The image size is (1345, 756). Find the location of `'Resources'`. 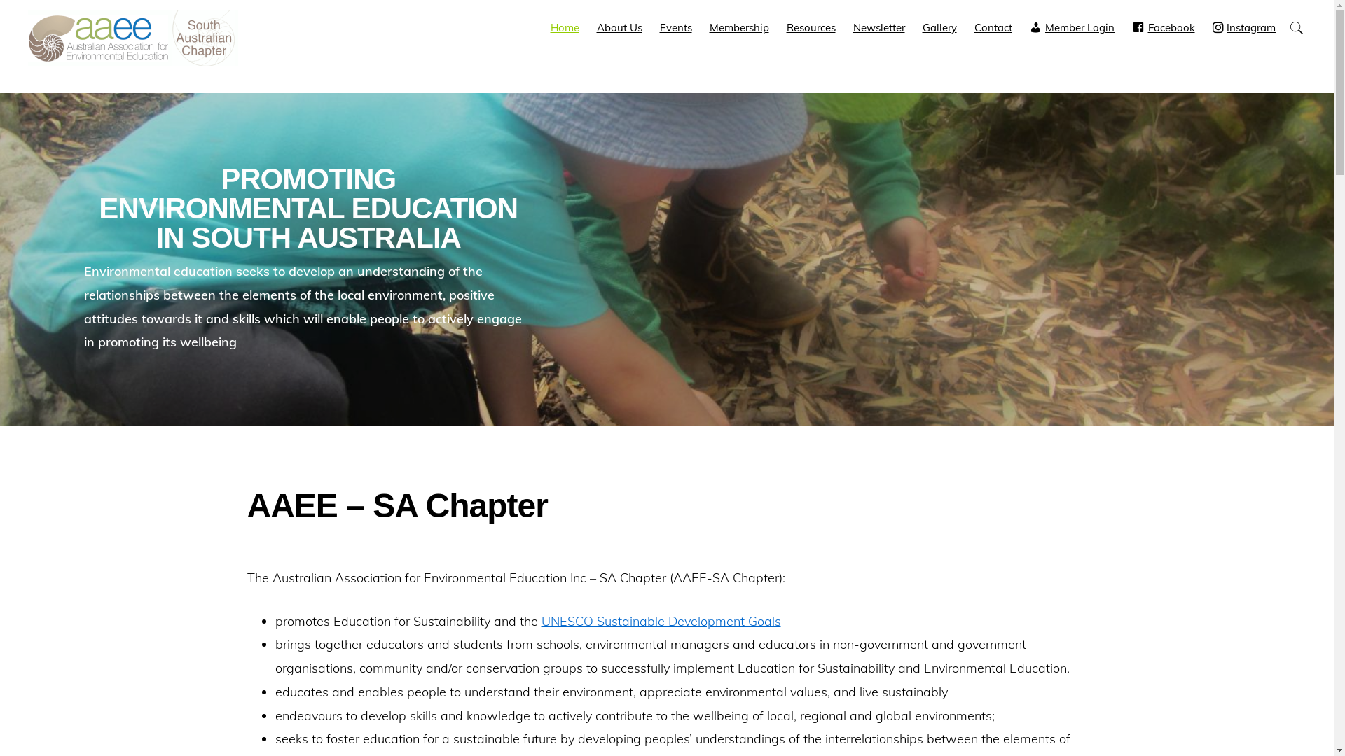

'Resources' is located at coordinates (778, 27).